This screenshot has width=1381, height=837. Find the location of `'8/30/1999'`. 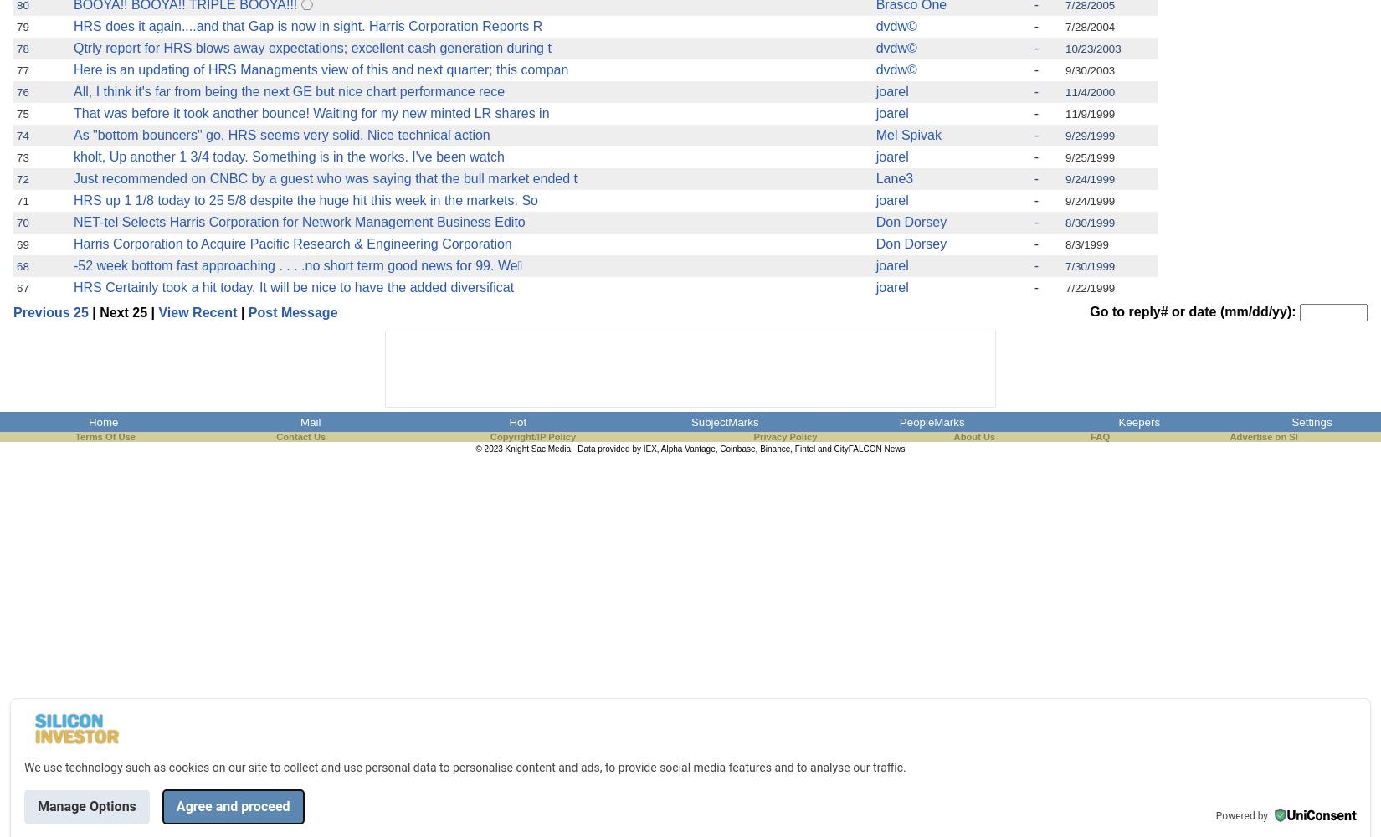

'8/30/1999' is located at coordinates (1089, 222).